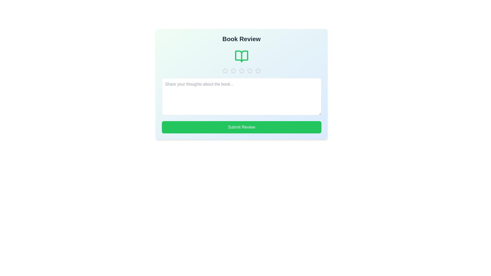  I want to click on the book rating to 4 stars by clicking the corresponding star, so click(250, 71).